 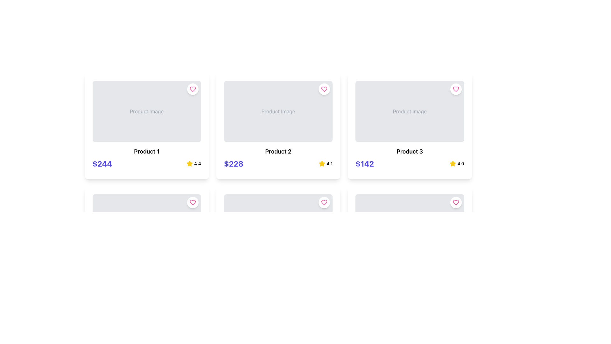 I want to click on the favorite button located at the top-right corner of the display card for 'Product 2', so click(x=324, y=89).